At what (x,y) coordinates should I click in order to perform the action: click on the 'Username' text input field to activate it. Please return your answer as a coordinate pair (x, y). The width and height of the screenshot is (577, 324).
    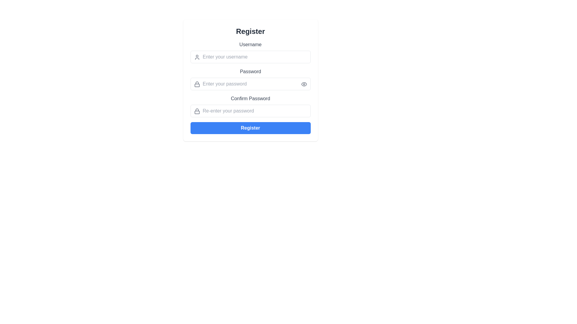
    Looking at the image, I should click on (250, 52).